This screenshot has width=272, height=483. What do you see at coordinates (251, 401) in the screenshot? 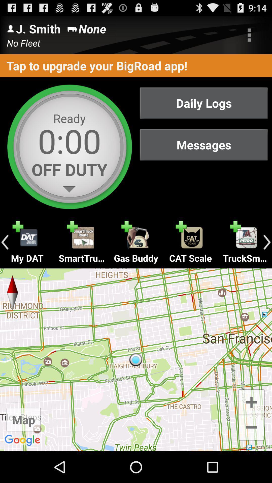
I see `zoom the map` at bounding box center [251, 401].